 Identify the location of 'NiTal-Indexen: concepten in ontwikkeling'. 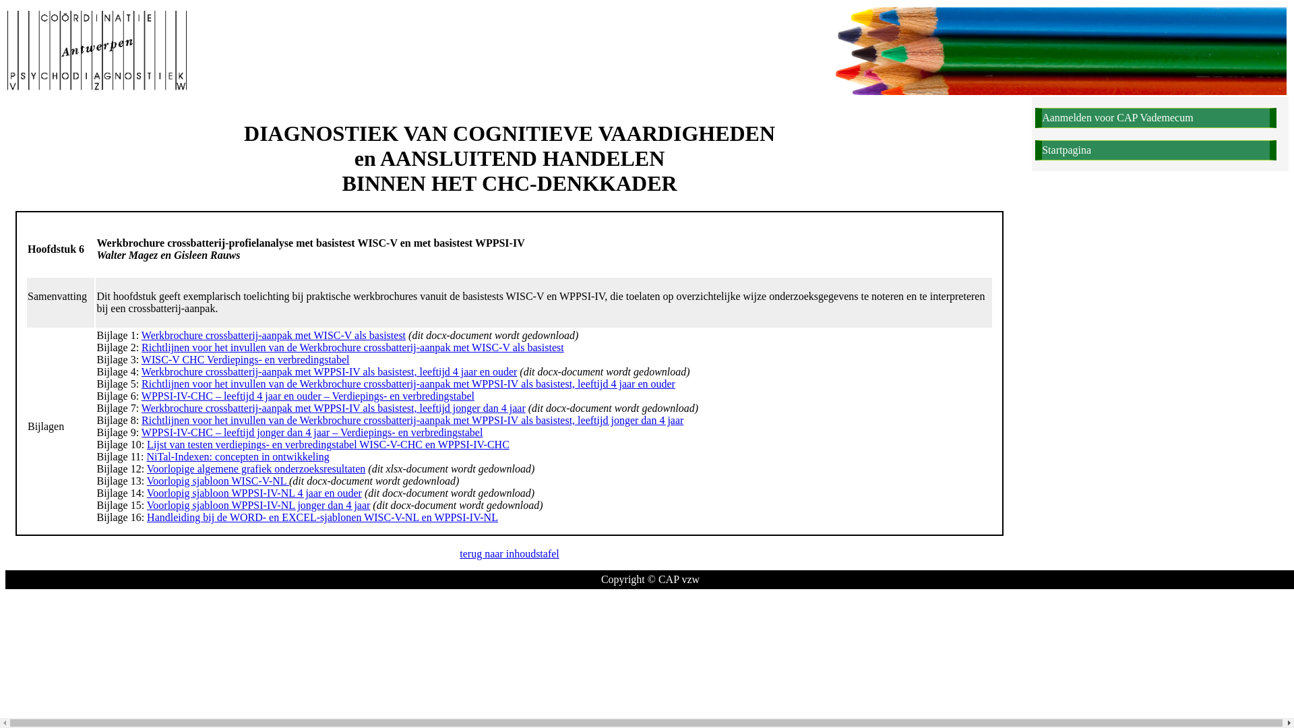
(238, 456).